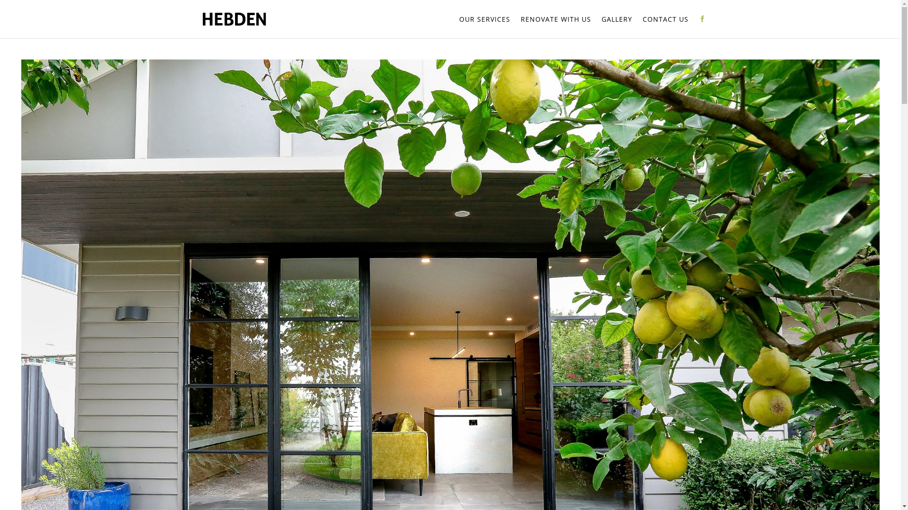  I want to click on 'OUR SERVICES', so click(458, 26).